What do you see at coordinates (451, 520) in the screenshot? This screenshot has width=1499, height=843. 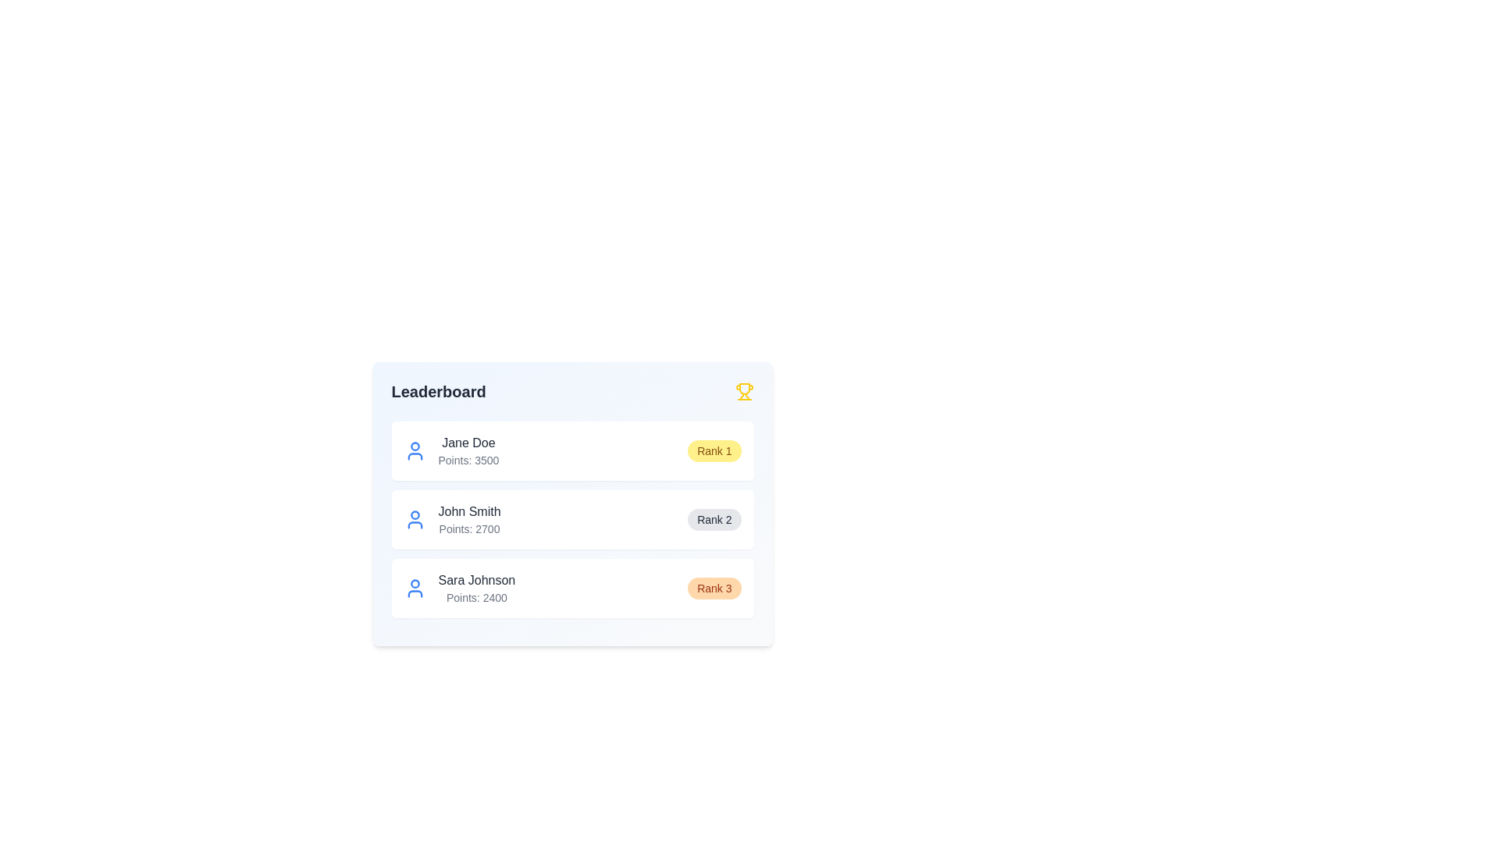 I see `to select the leaderboard entry for 'John Smith', which includes the user's icon in blue and points displayed as 'Points: 2700'. This entry is the second in the leaderboard list, positioned below 'Jane Doe'` at bounding box center [451, 520].